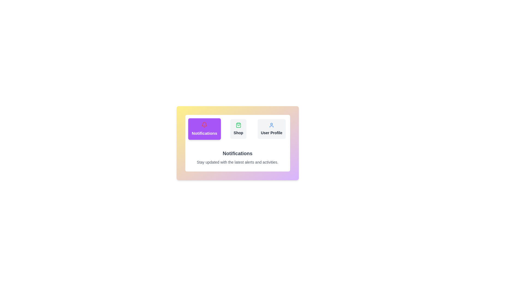 The width and height of the screenshot is (524, 294). Describe the element at coordinates (204, 129) in the screenshot. I see `the tab labeled Notifications to switch the active content` at that location.